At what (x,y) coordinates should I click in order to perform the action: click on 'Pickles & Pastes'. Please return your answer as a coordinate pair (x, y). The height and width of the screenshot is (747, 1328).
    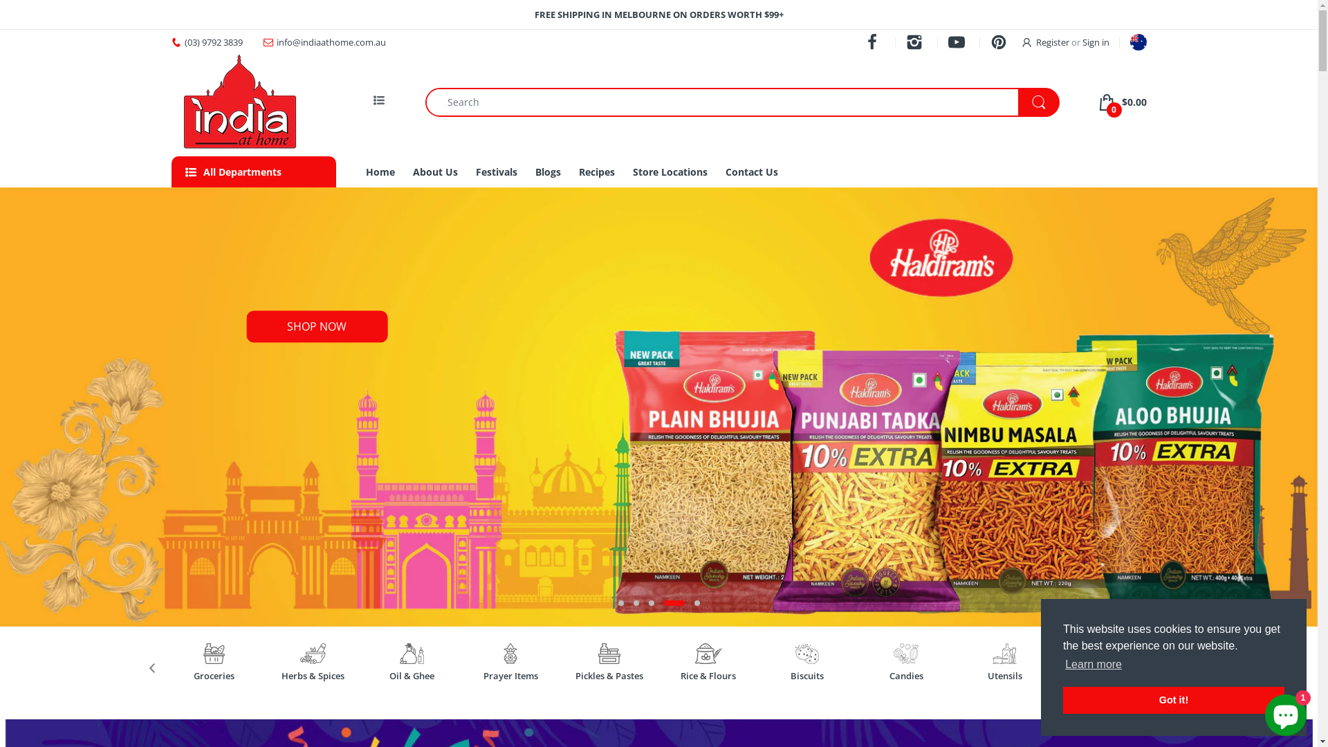
    Looking at the image, I should click on (609, 675).